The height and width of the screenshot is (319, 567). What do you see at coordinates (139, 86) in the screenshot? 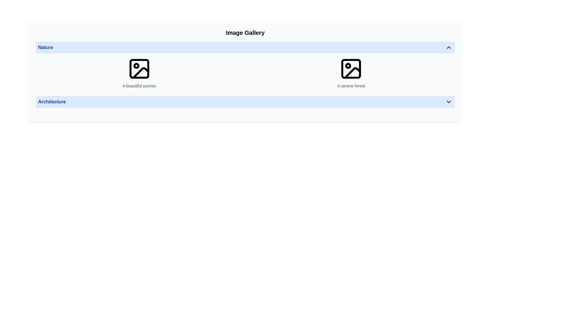
I see `the text element that reads 'A beautiful sunrise' located below the image icon in the 'Nature' category of the 'Image Gallery'` at bounding box center [139, 86].